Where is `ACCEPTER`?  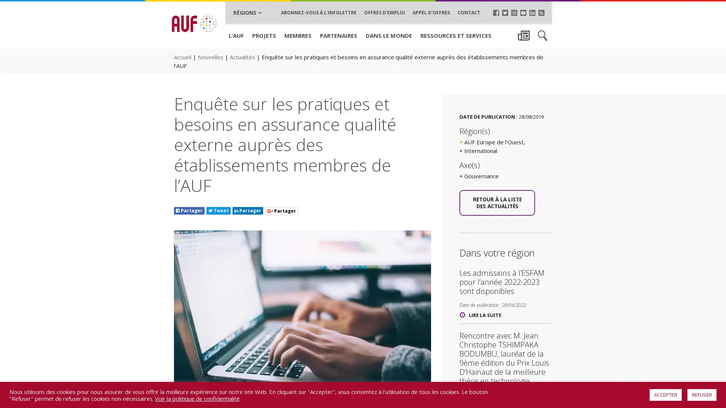 ACCEPTER is located at coordinates (665, 394).